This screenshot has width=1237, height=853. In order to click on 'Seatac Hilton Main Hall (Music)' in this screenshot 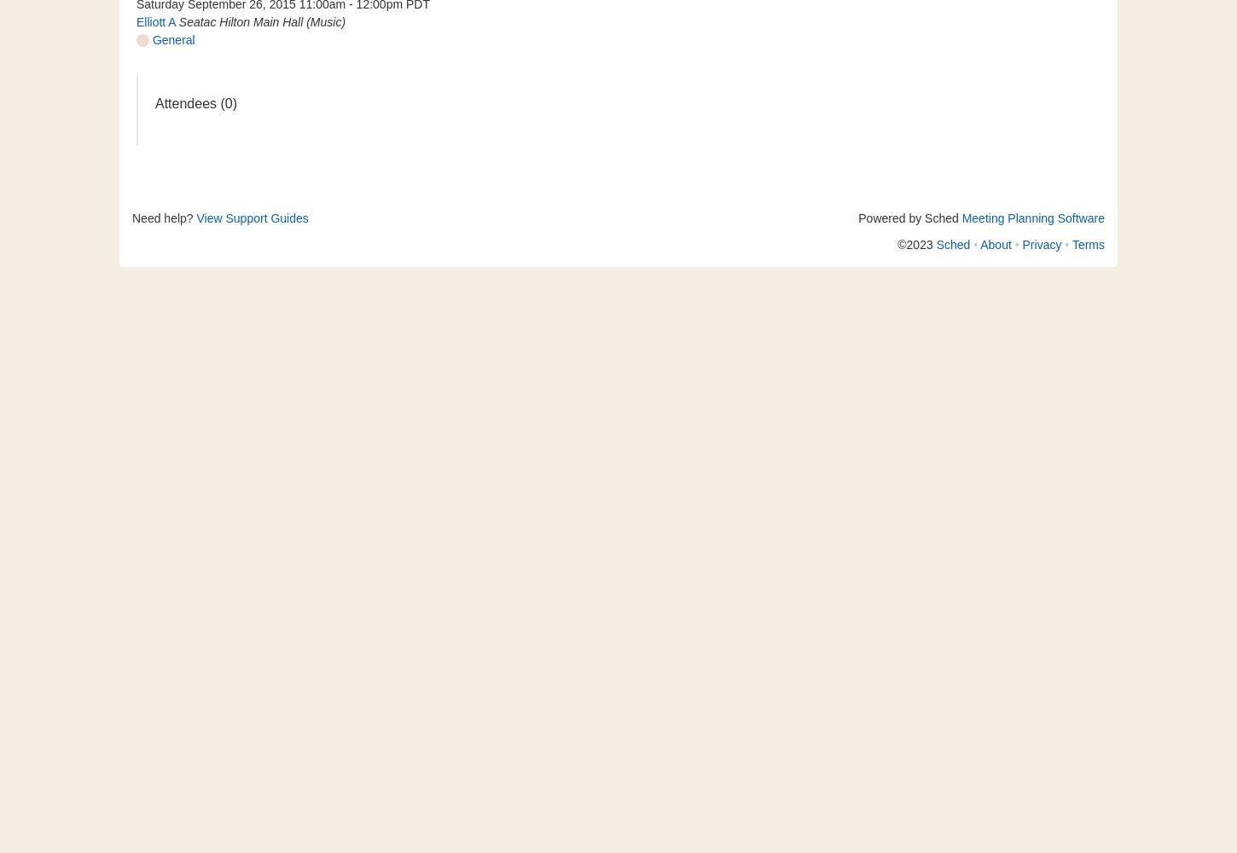, I will do `click(261, 22)`.